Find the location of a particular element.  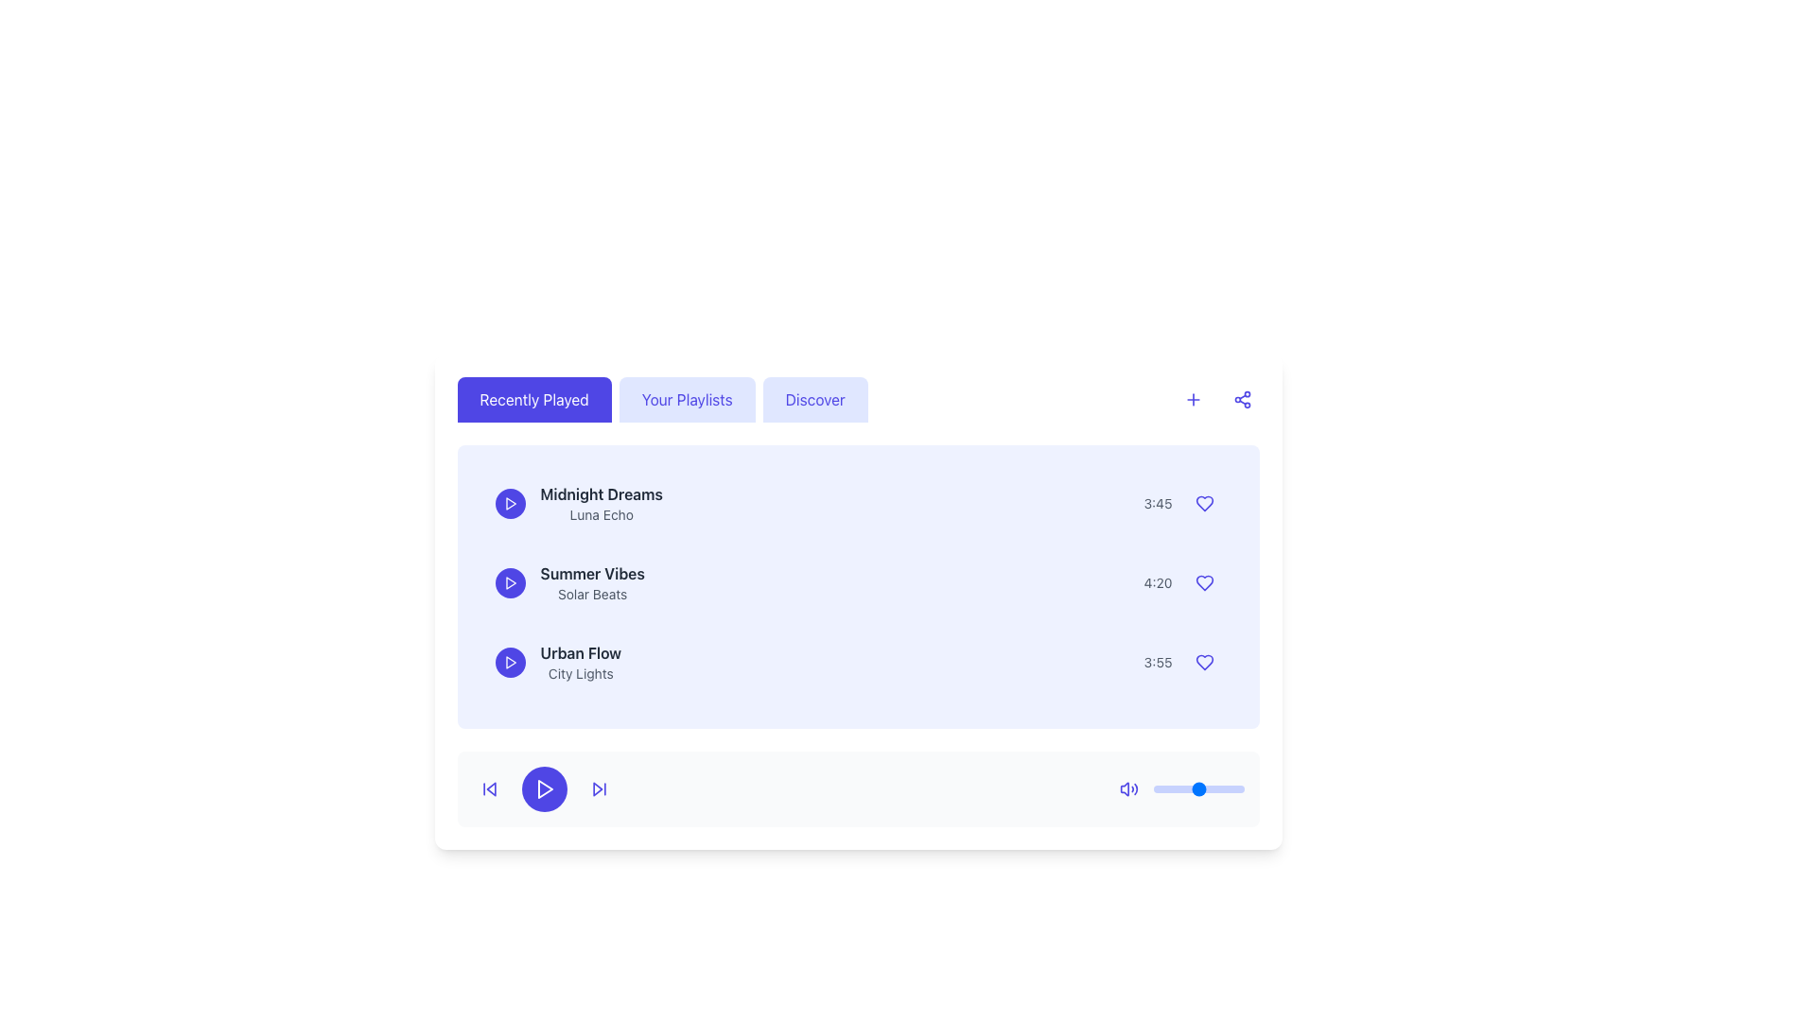

the slider is located at coordinates (1196, 788).